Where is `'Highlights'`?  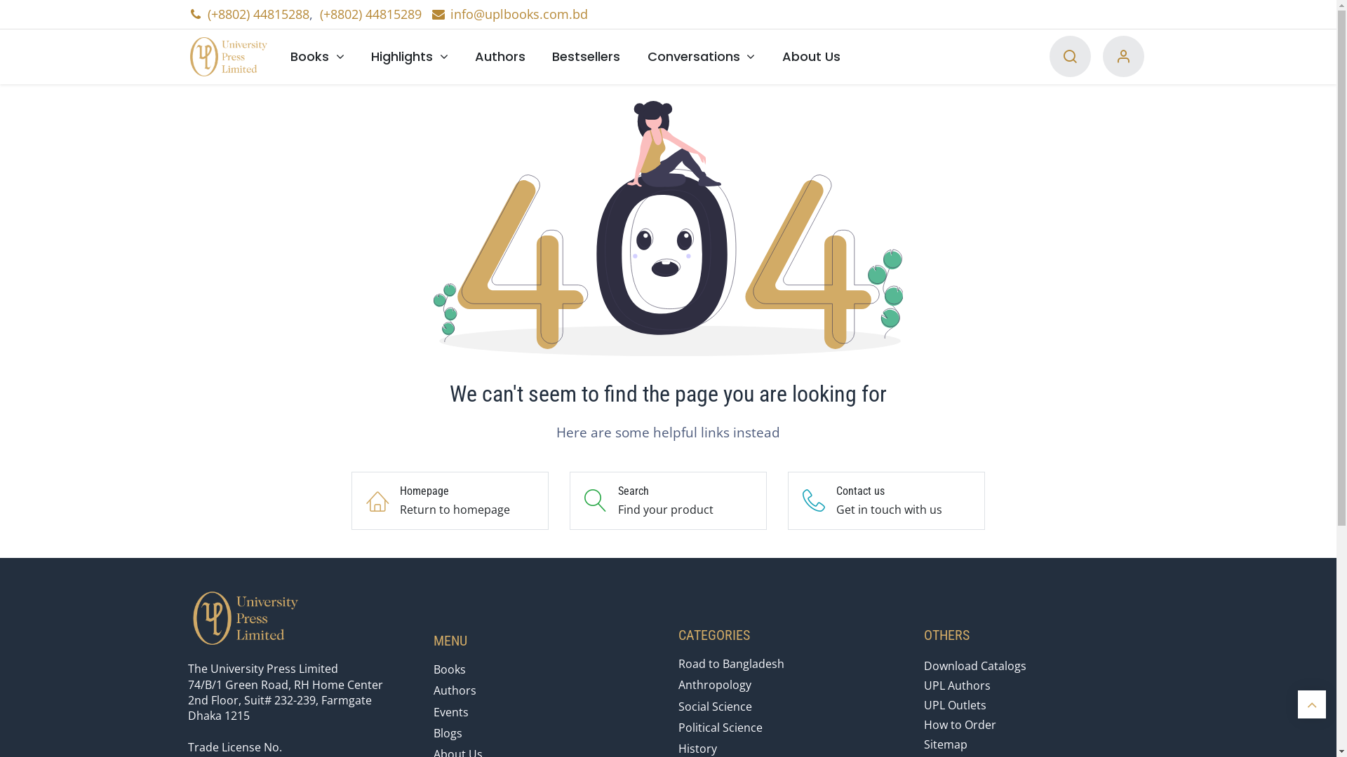
'Highlights' is located at coordinates (409, 55).